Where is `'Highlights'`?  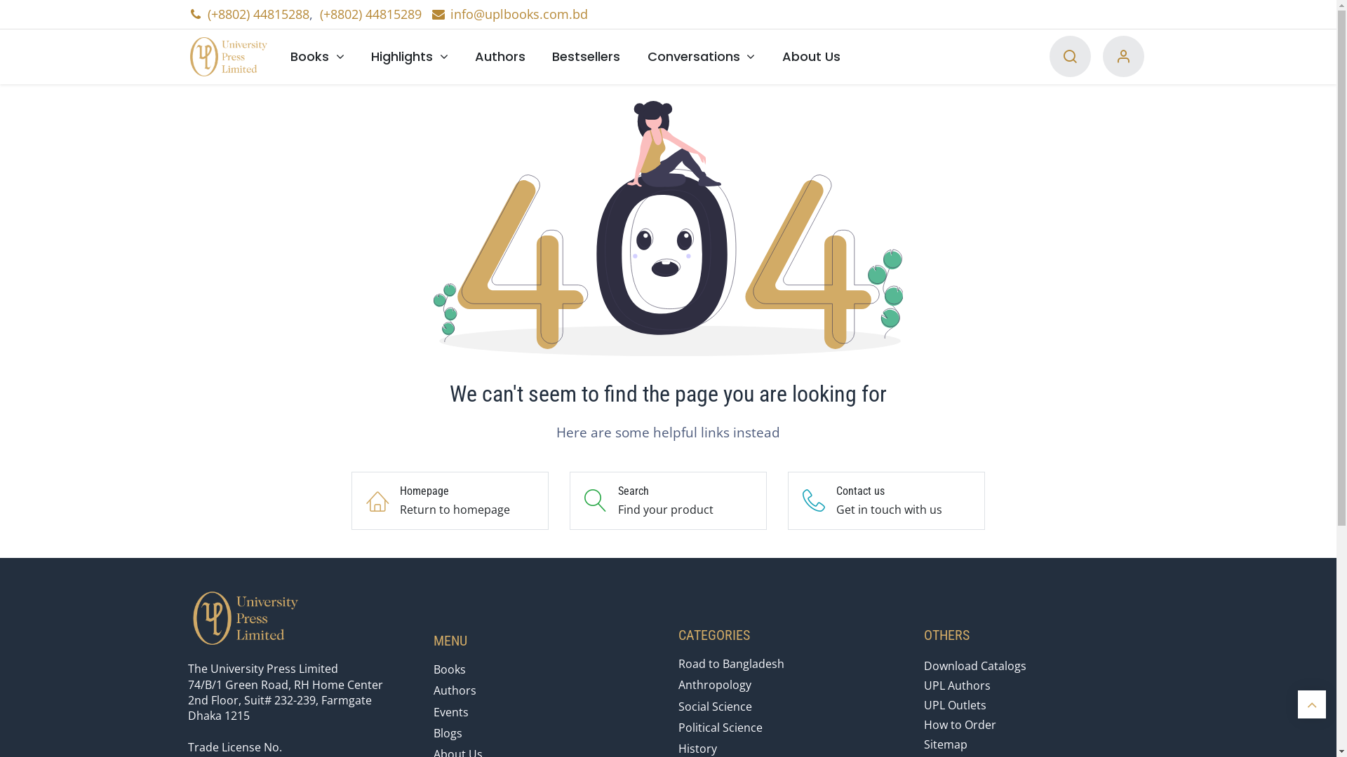
'Highlights' is located at coordinates (409, 55).